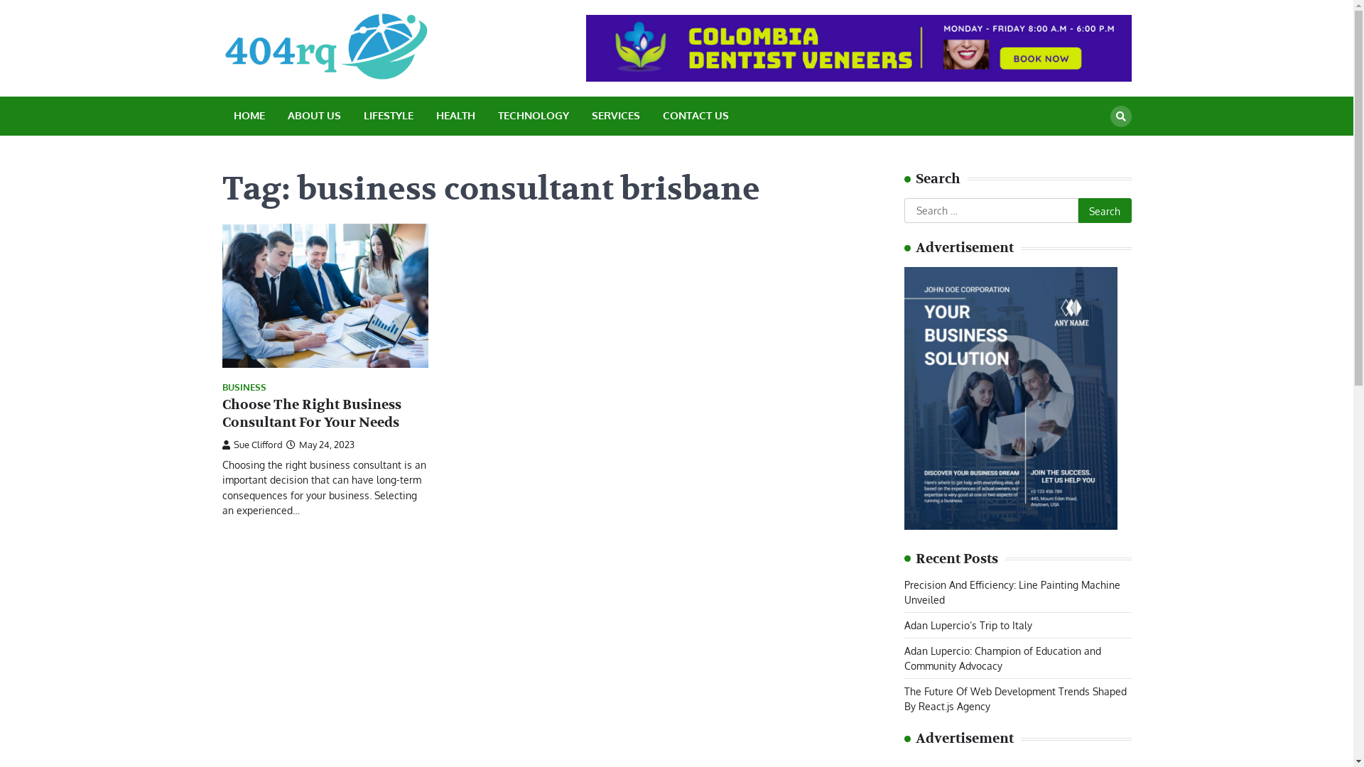 Image resolution: width=1364 pixels, height=767 pixels. Describe the element at coordinates (1001, 658) in the screenshot. I see `'Adan Lupercio: Champion of Education and Community Advocacy'` at that location.